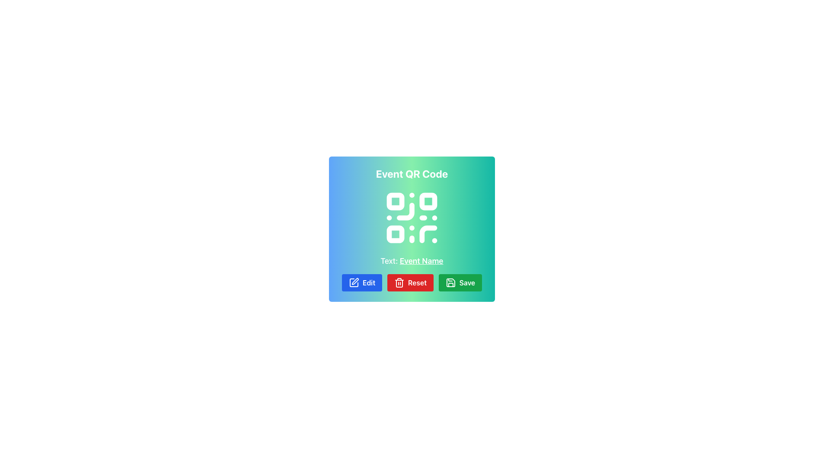  What do you see at coordinates (354, 283) in the screenshot?
I see `the 'Edit' icon located to the left of the 'Edit' text within the button group below the 'Event QR Code' section` at bounding box center [354, 283].